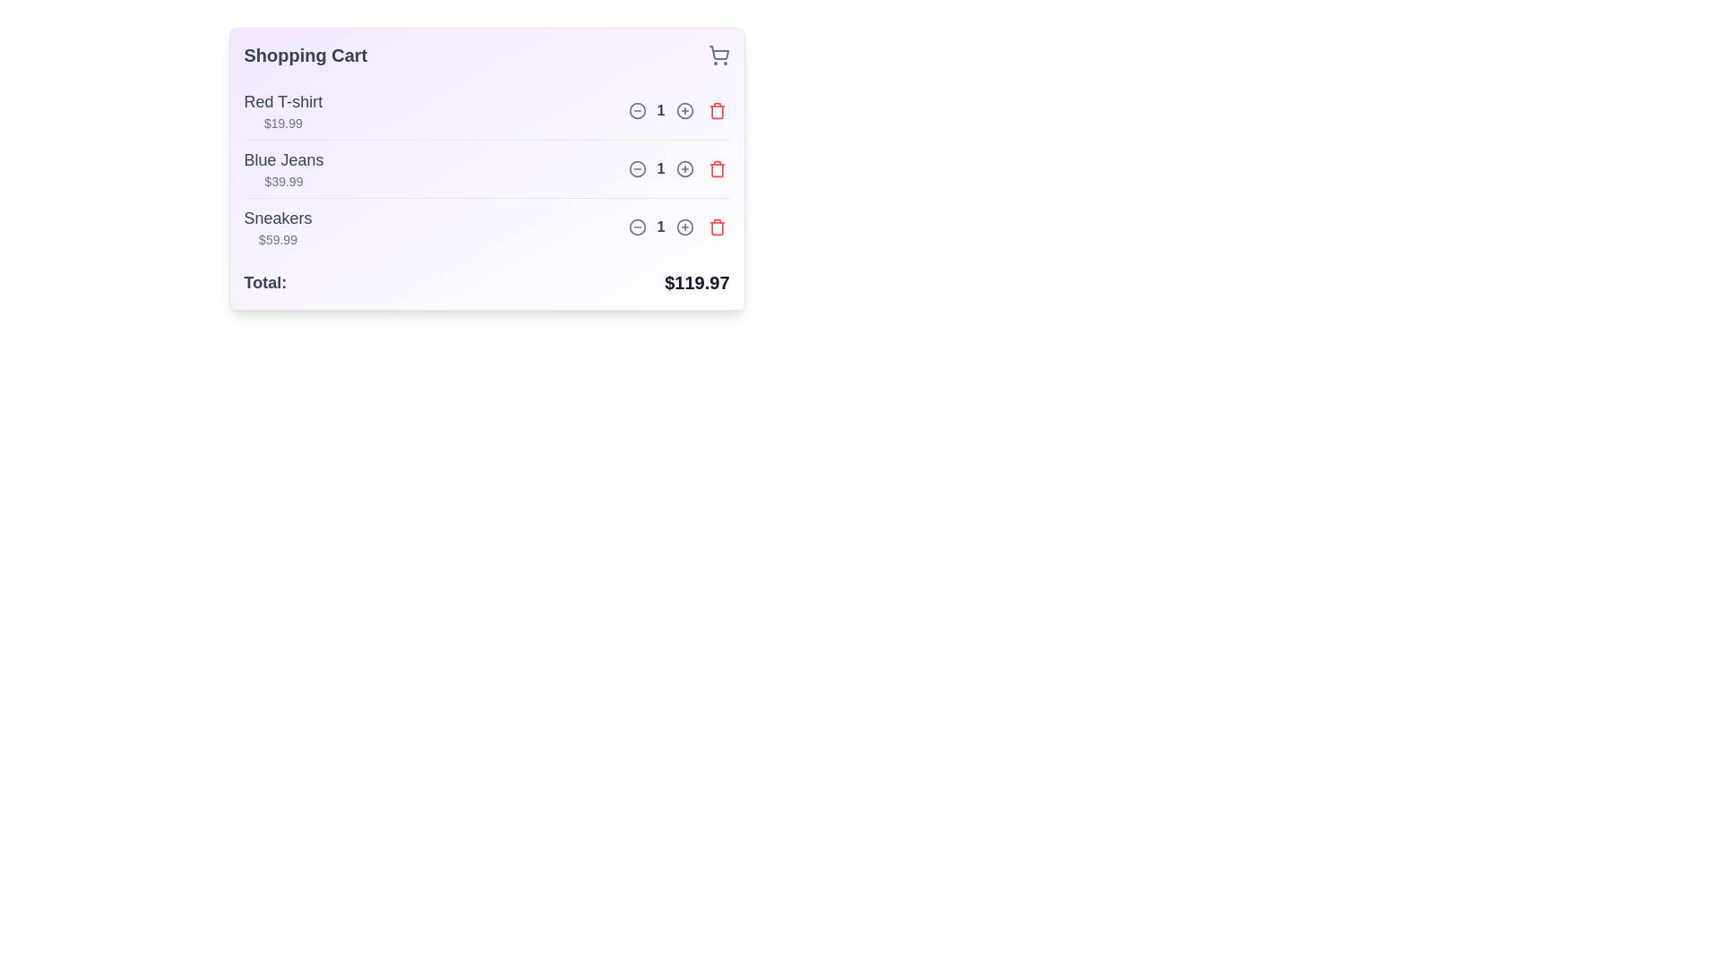 This screenshot has height=967, width=1720. Describe the element at coordinates (282, 158) in the screenshot. I see `the text label that identifies the product as 'Blue Jeans' in the shopping cart interface, which is positioned above the price information element` at that location.